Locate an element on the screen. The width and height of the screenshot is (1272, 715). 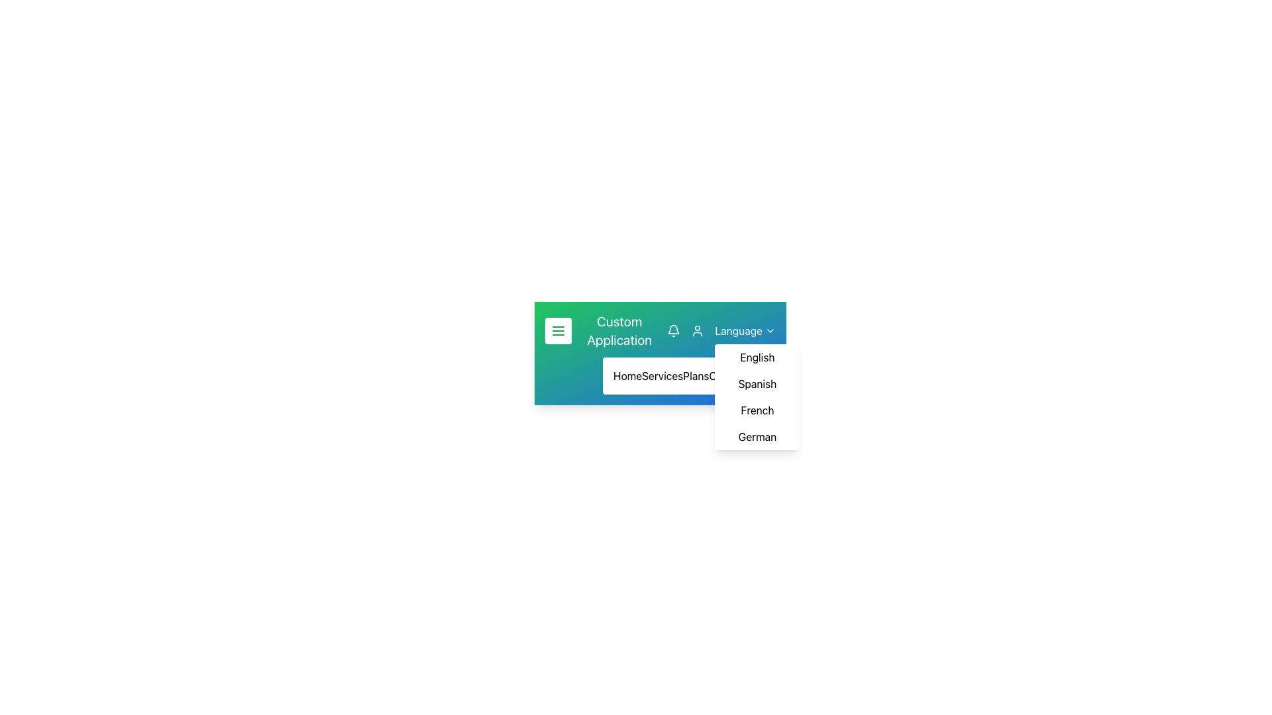
blue-colored text label displaying 'Language' located in the header section, positioned to the left of a dropdown control with a Chevron icon is located at coordinates (738, 330).